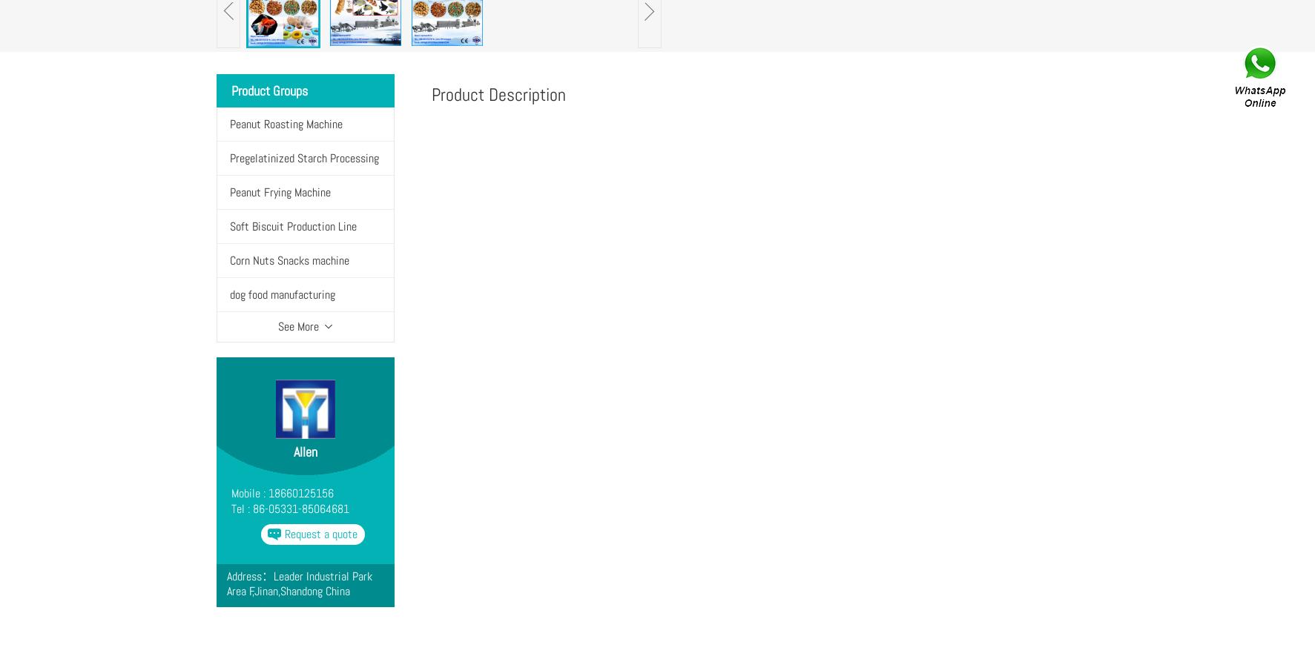  I want to click on 'Soft Biscuit Production Line', so click(229, 226).